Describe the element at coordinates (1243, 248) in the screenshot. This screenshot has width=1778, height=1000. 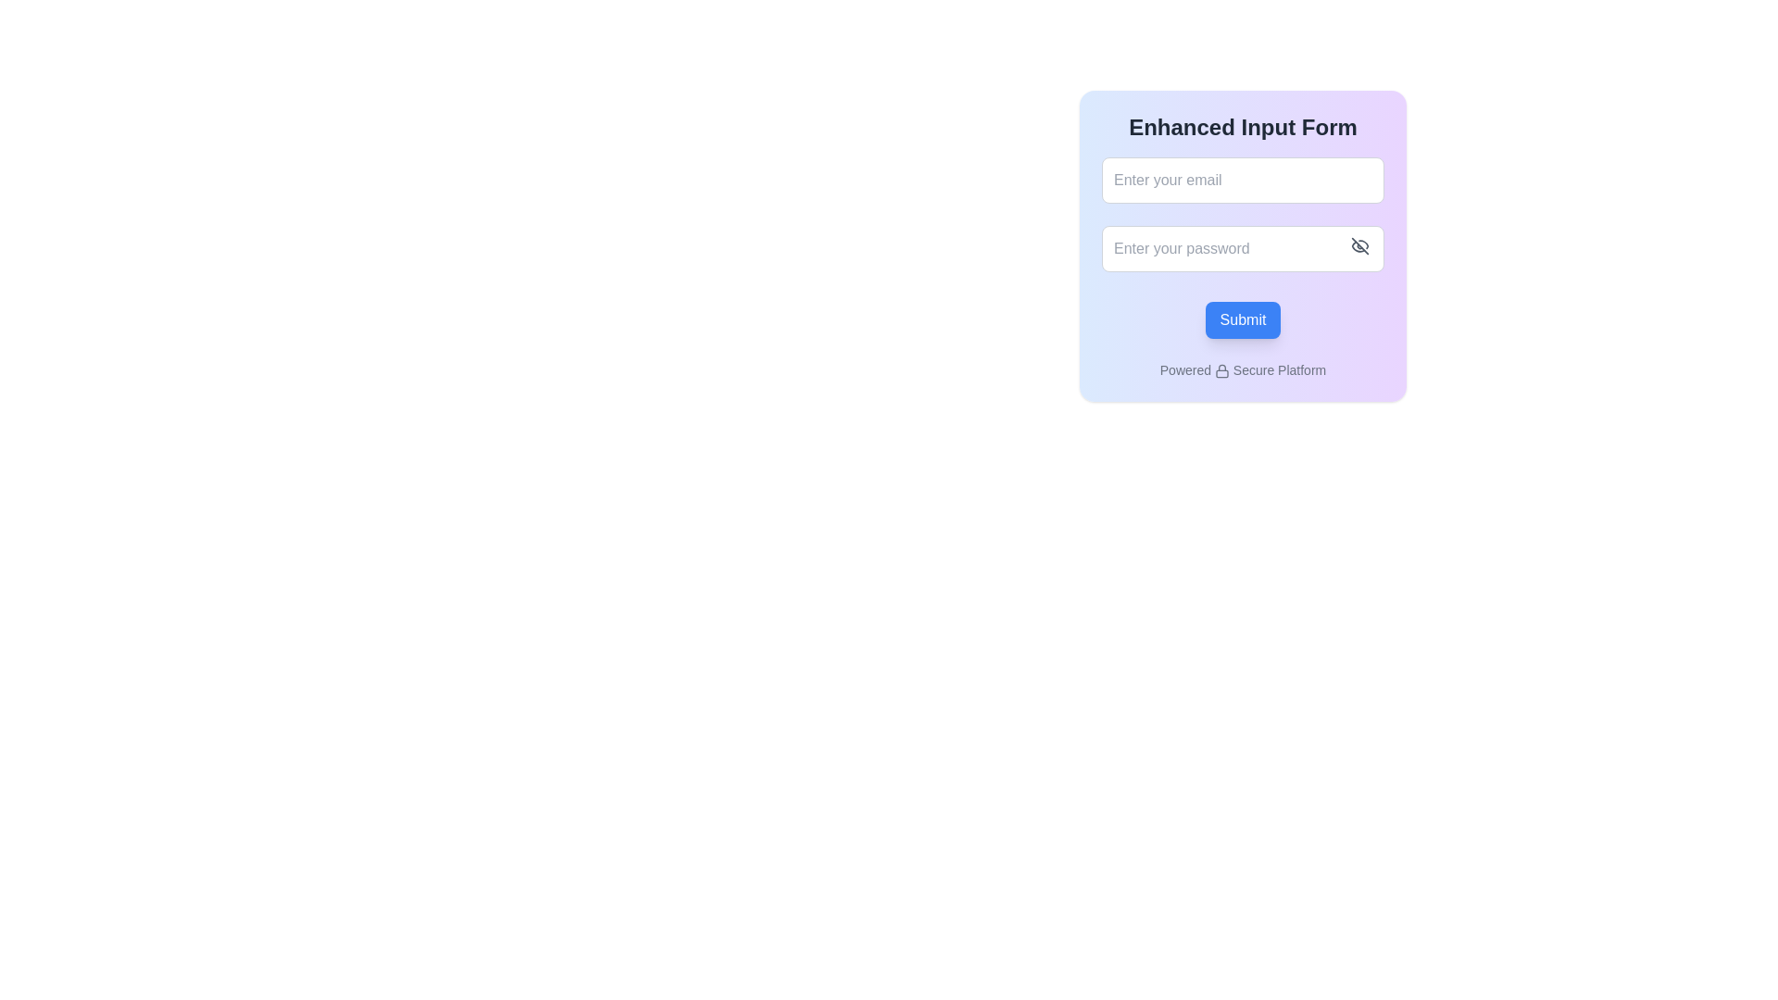
I see `the eye icon next to the Password input field` at that location.